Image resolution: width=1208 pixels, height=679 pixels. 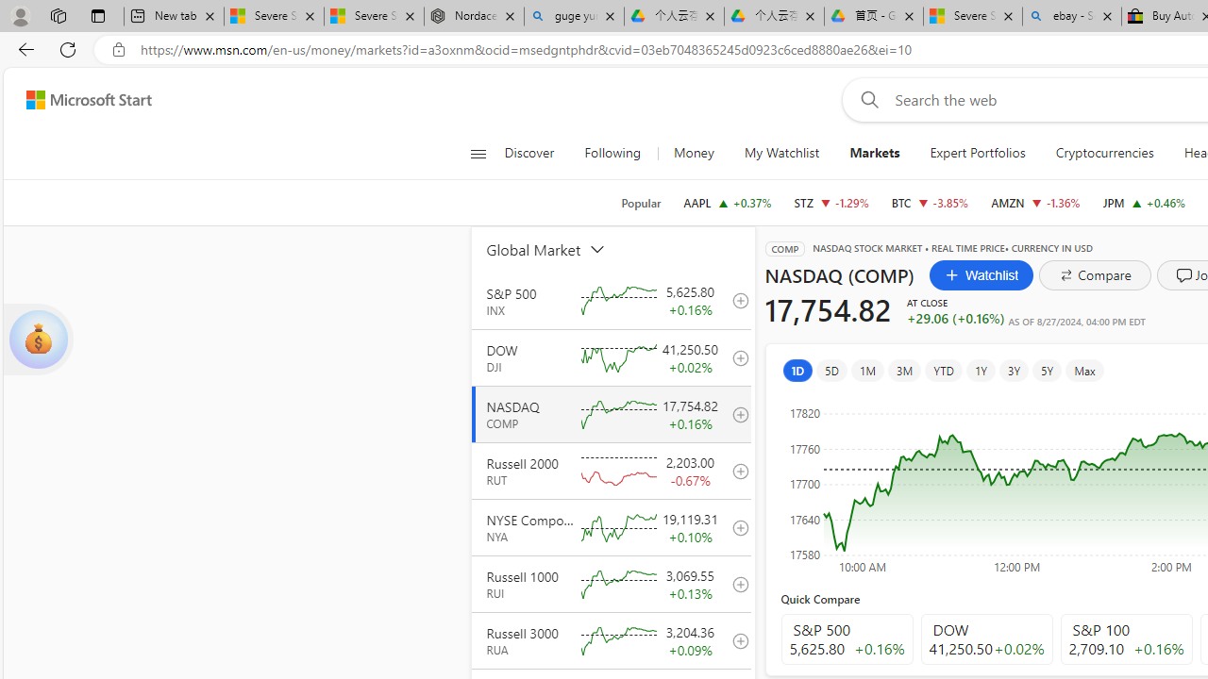 I want to click on 'Expert Portfolios', so click(x=978, y=153).